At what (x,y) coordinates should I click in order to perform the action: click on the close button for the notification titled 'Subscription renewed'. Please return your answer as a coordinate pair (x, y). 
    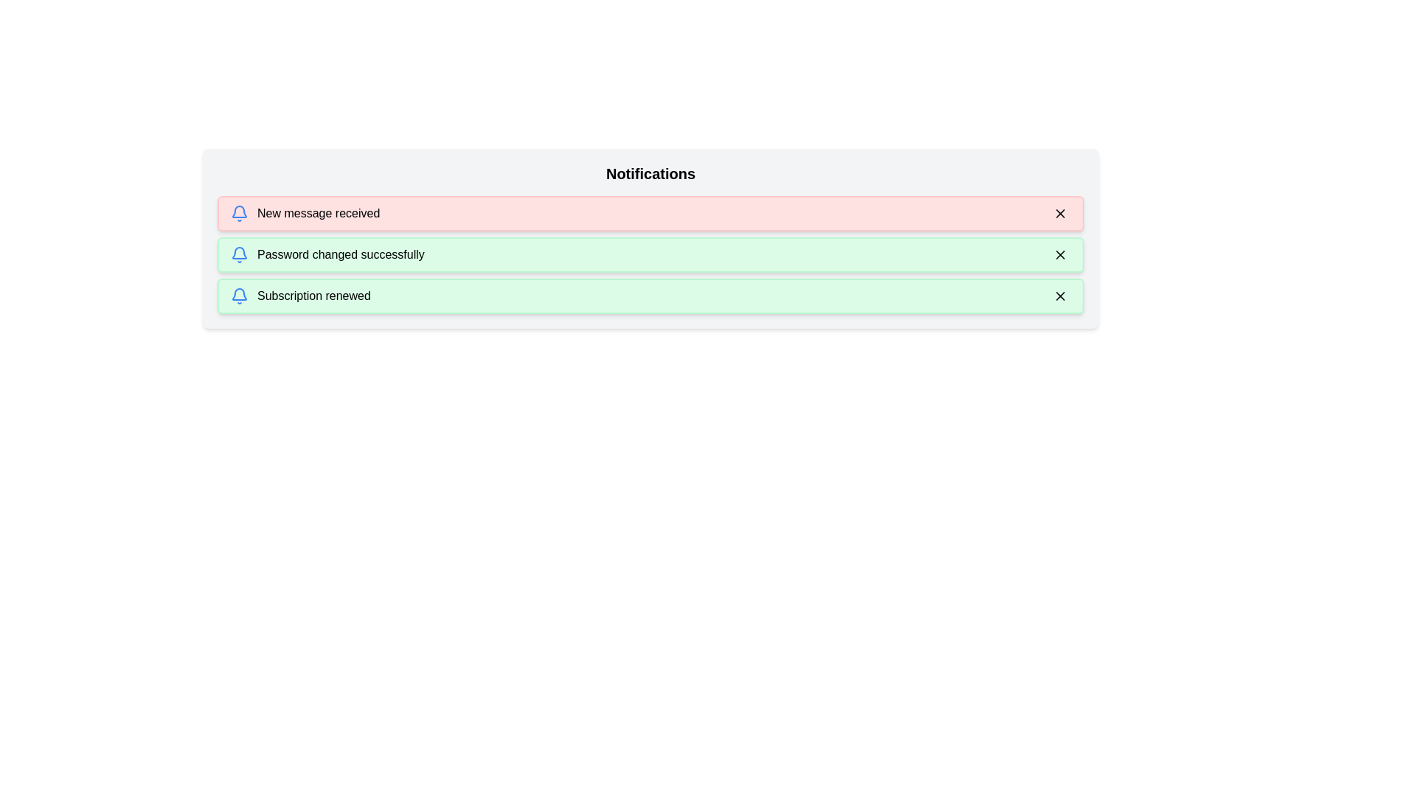
    Looking at the image, I should click on (1060, 296).